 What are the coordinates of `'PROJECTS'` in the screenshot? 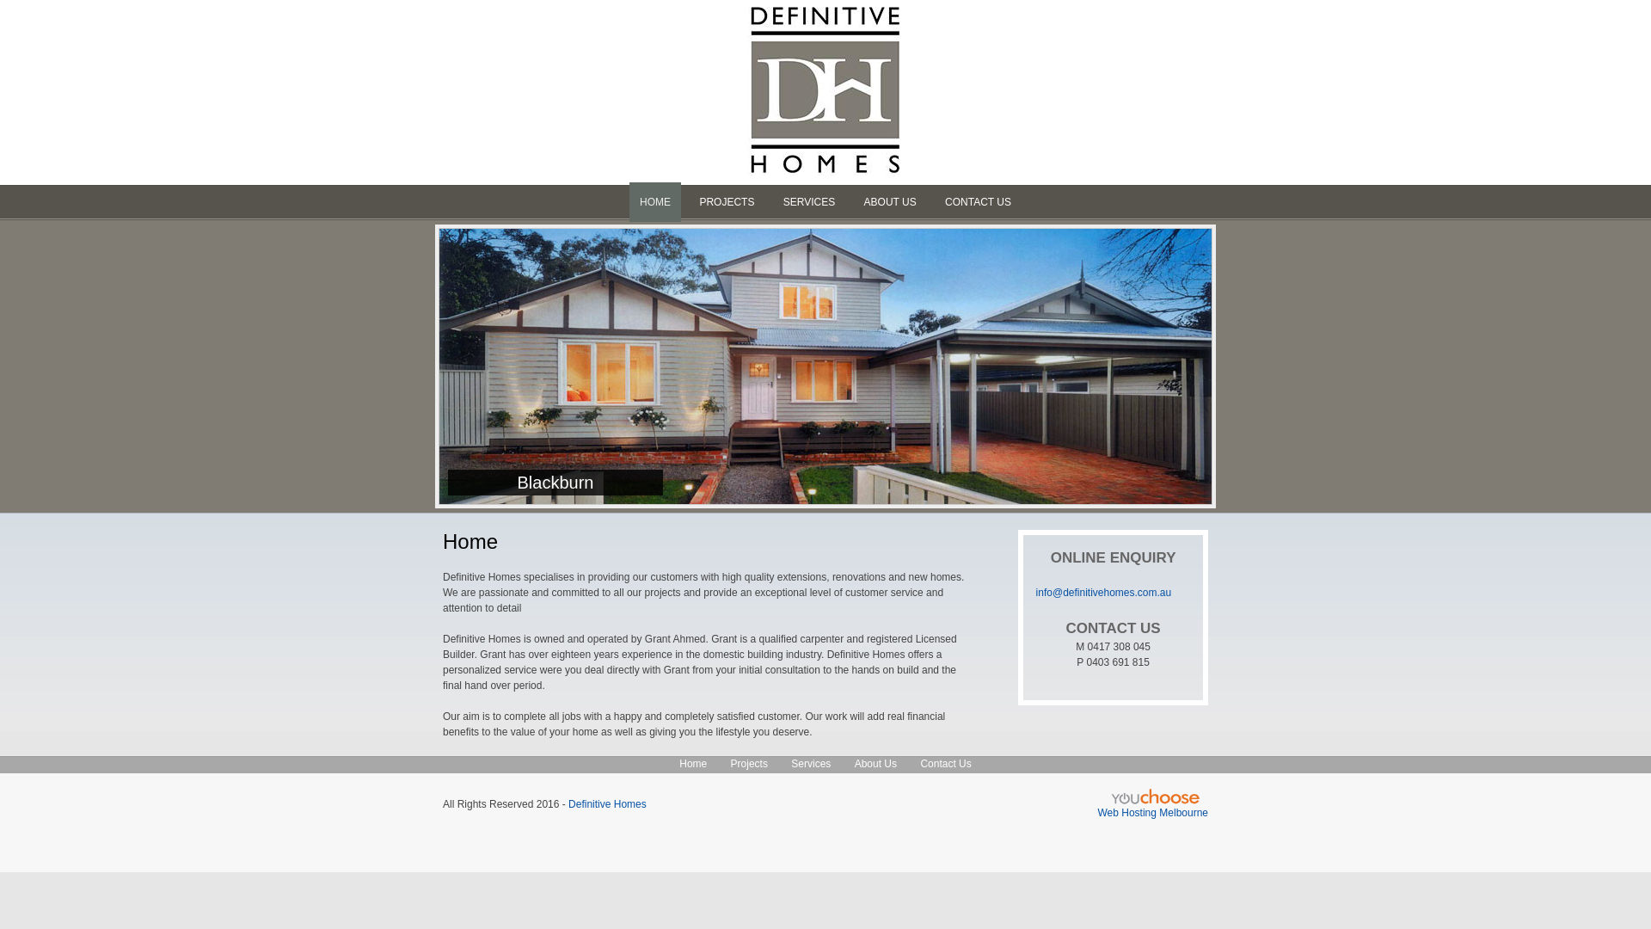 It's located at (726, 201).